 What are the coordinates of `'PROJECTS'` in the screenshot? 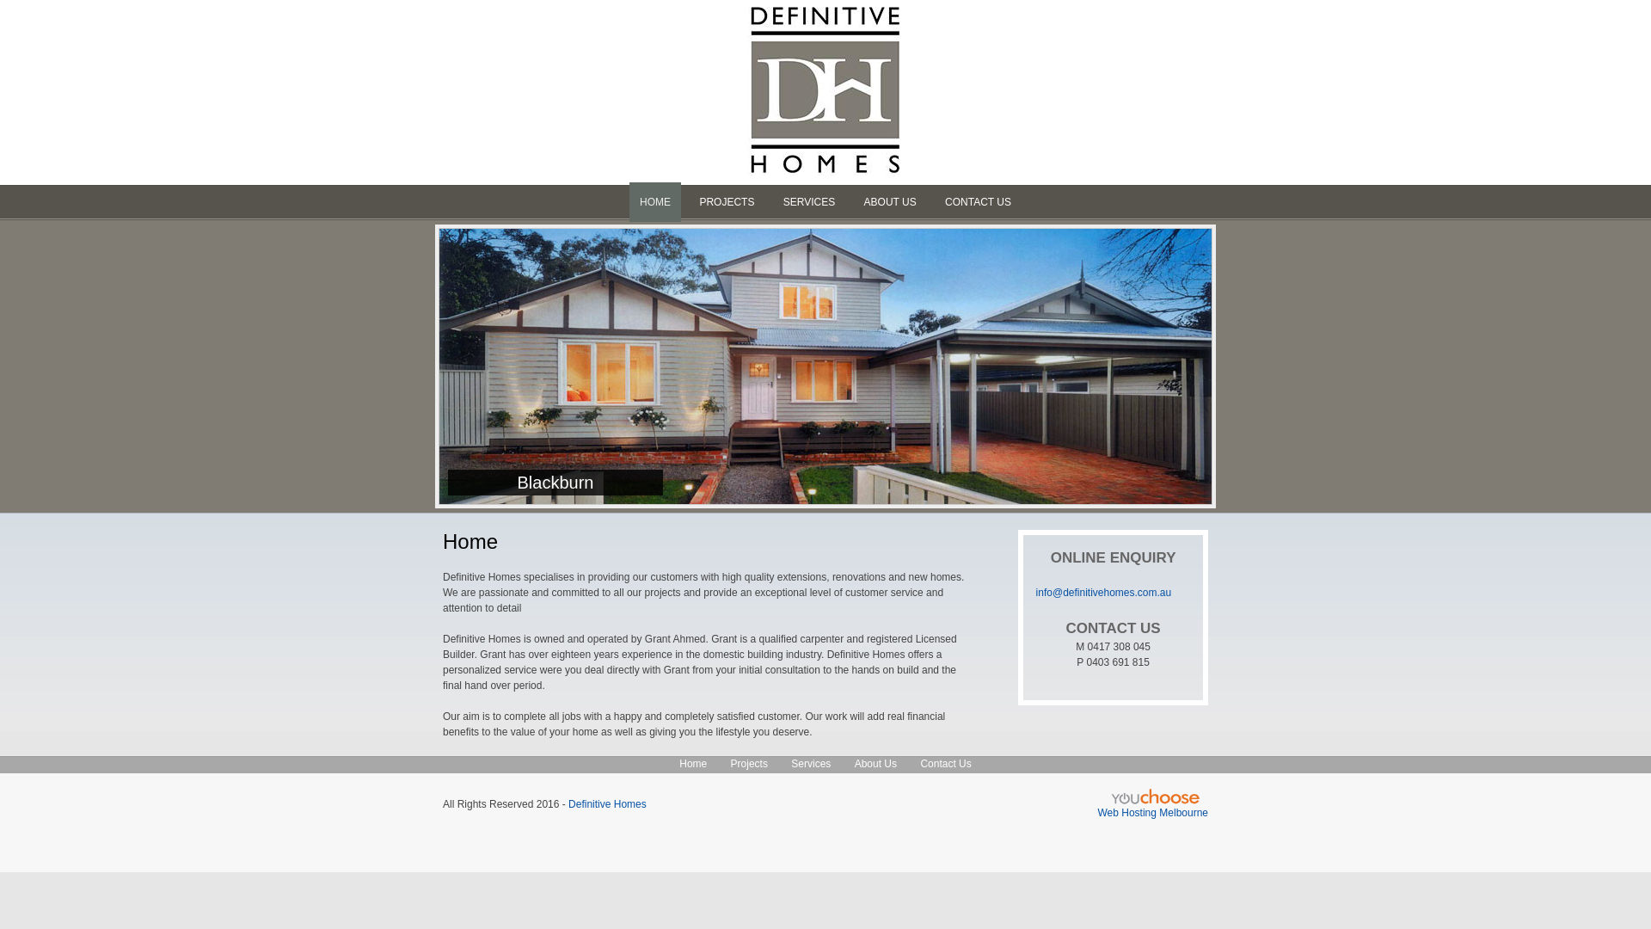 It's located at (726, 201).